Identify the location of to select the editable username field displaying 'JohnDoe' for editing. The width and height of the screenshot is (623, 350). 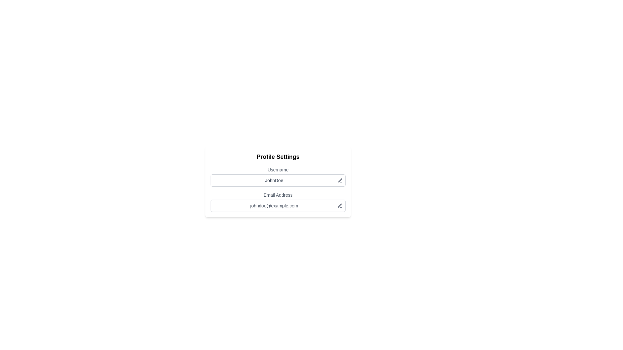
(278, 180).